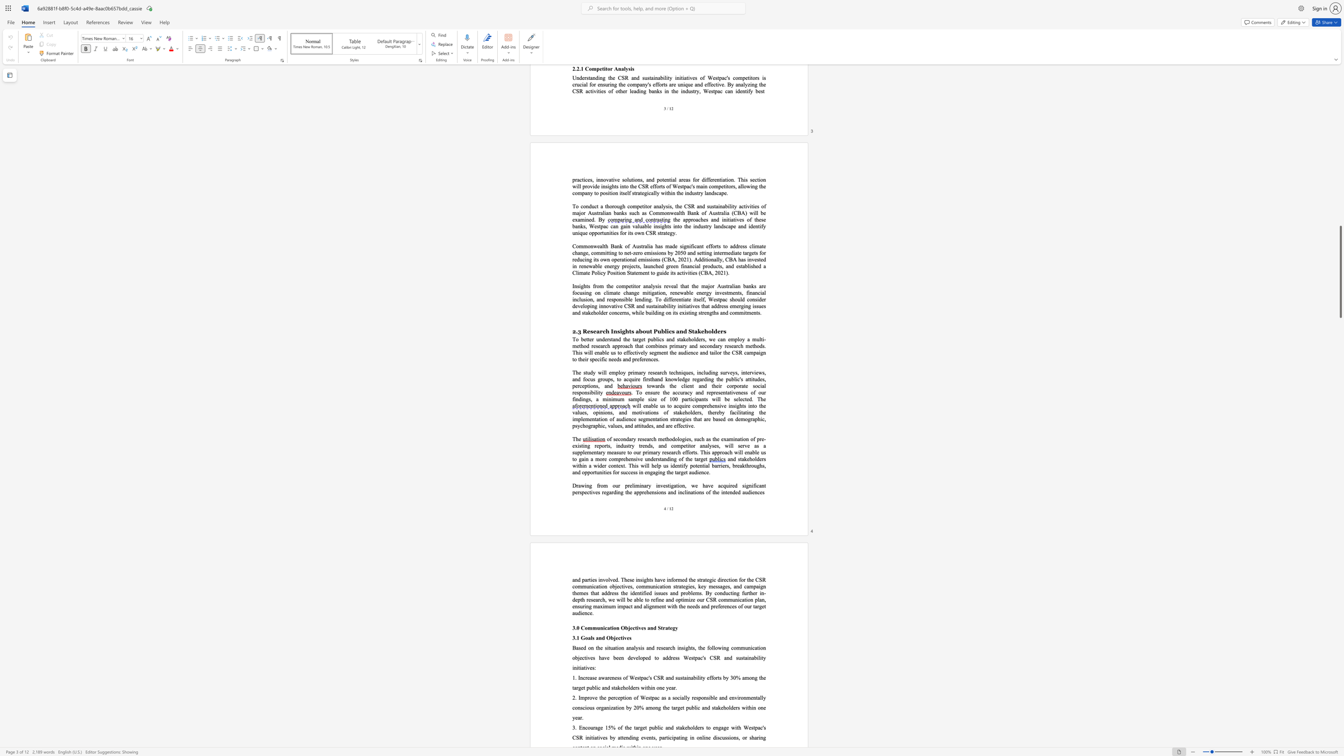 Image resolution: width=1344 pixels, height=756 pixels. I want to click on the 2th character "h" in the text, so click(696, 418).